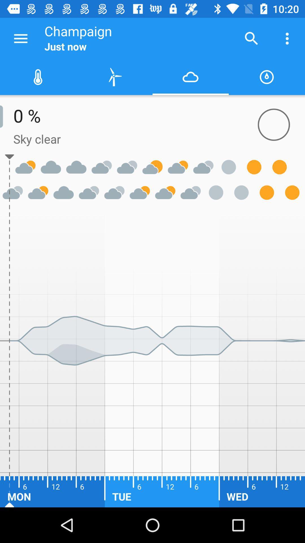 The image size is (305, 543). Describe the element at coordinates (20, 38) in the screenshot. I see `menu option` at that location.